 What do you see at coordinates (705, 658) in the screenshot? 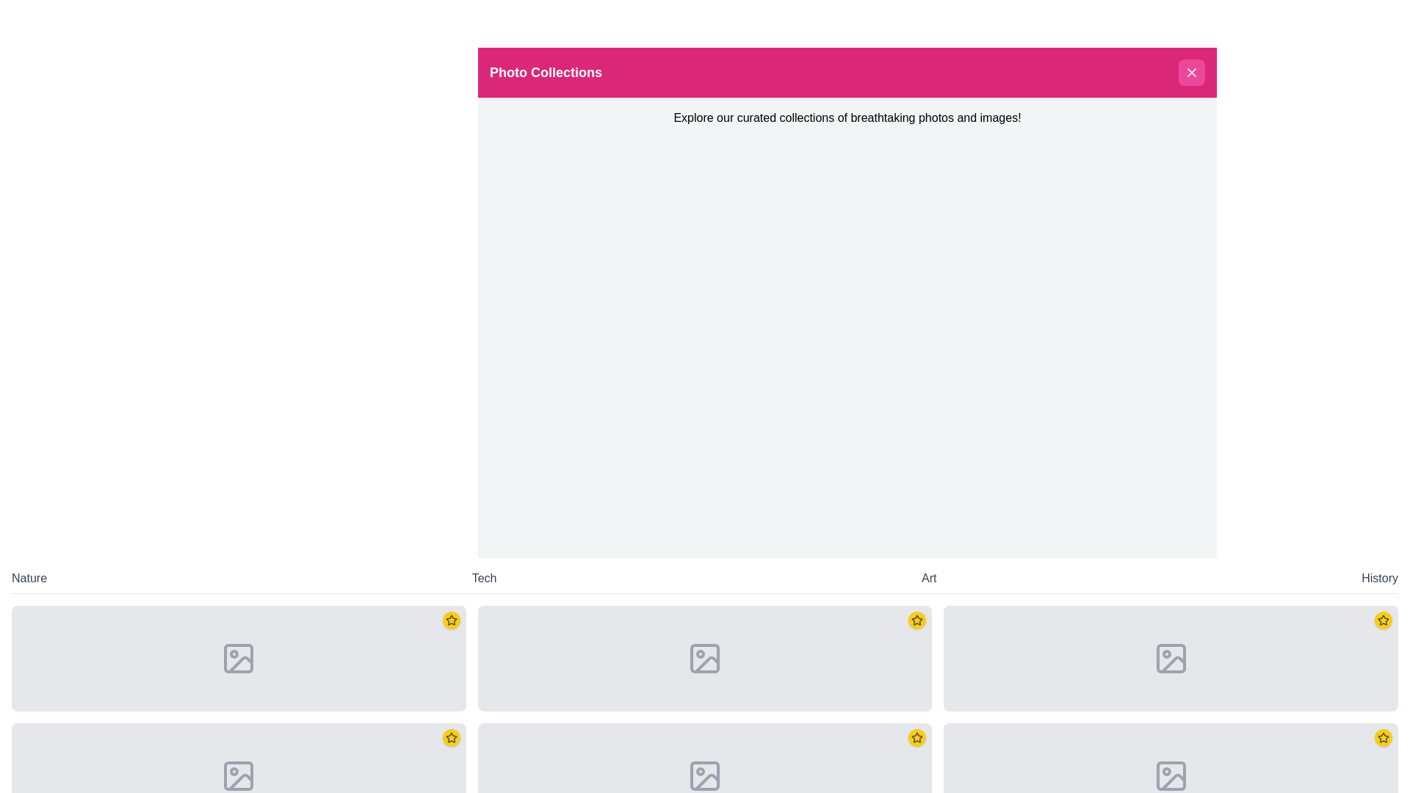
I see `the SVG icon of a photo frame or gallery with a grey outline, located in the second row and second column of the grid, featuring a circular camera lens detail` at bounding box center [705, 658].